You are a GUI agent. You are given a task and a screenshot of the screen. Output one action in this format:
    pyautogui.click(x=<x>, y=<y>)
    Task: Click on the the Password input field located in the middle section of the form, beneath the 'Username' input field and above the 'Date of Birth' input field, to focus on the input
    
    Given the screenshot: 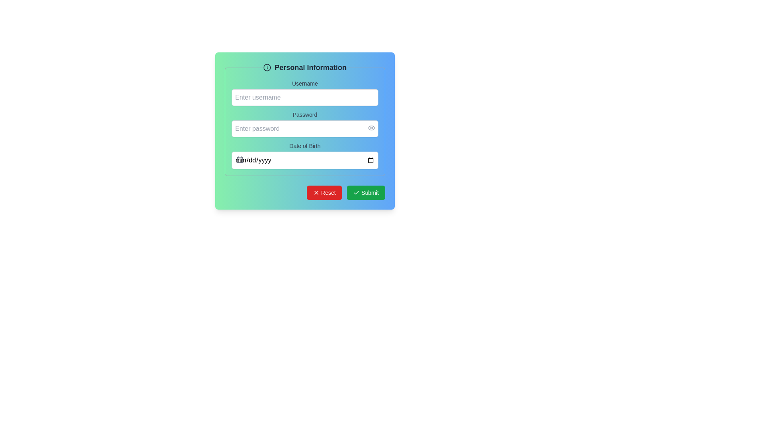 What is the action you would take?
    pyautogui.click(x=304, y=128)
    